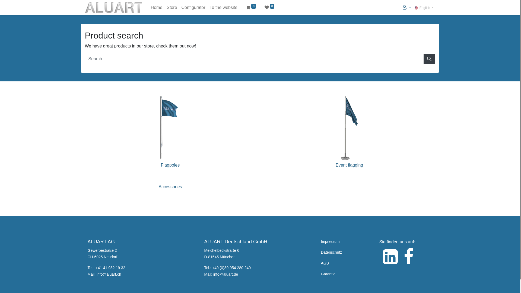 The height and width of the screenshot is (293, 521). I want to click on 'AGB', so click(325, 263).